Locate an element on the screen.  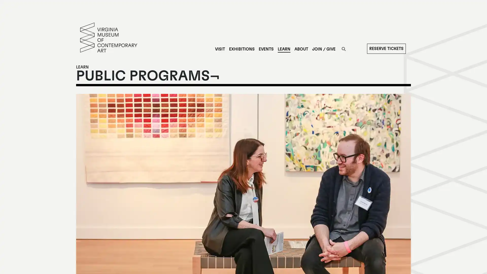
LEARN is located at coordinates (283, 49).